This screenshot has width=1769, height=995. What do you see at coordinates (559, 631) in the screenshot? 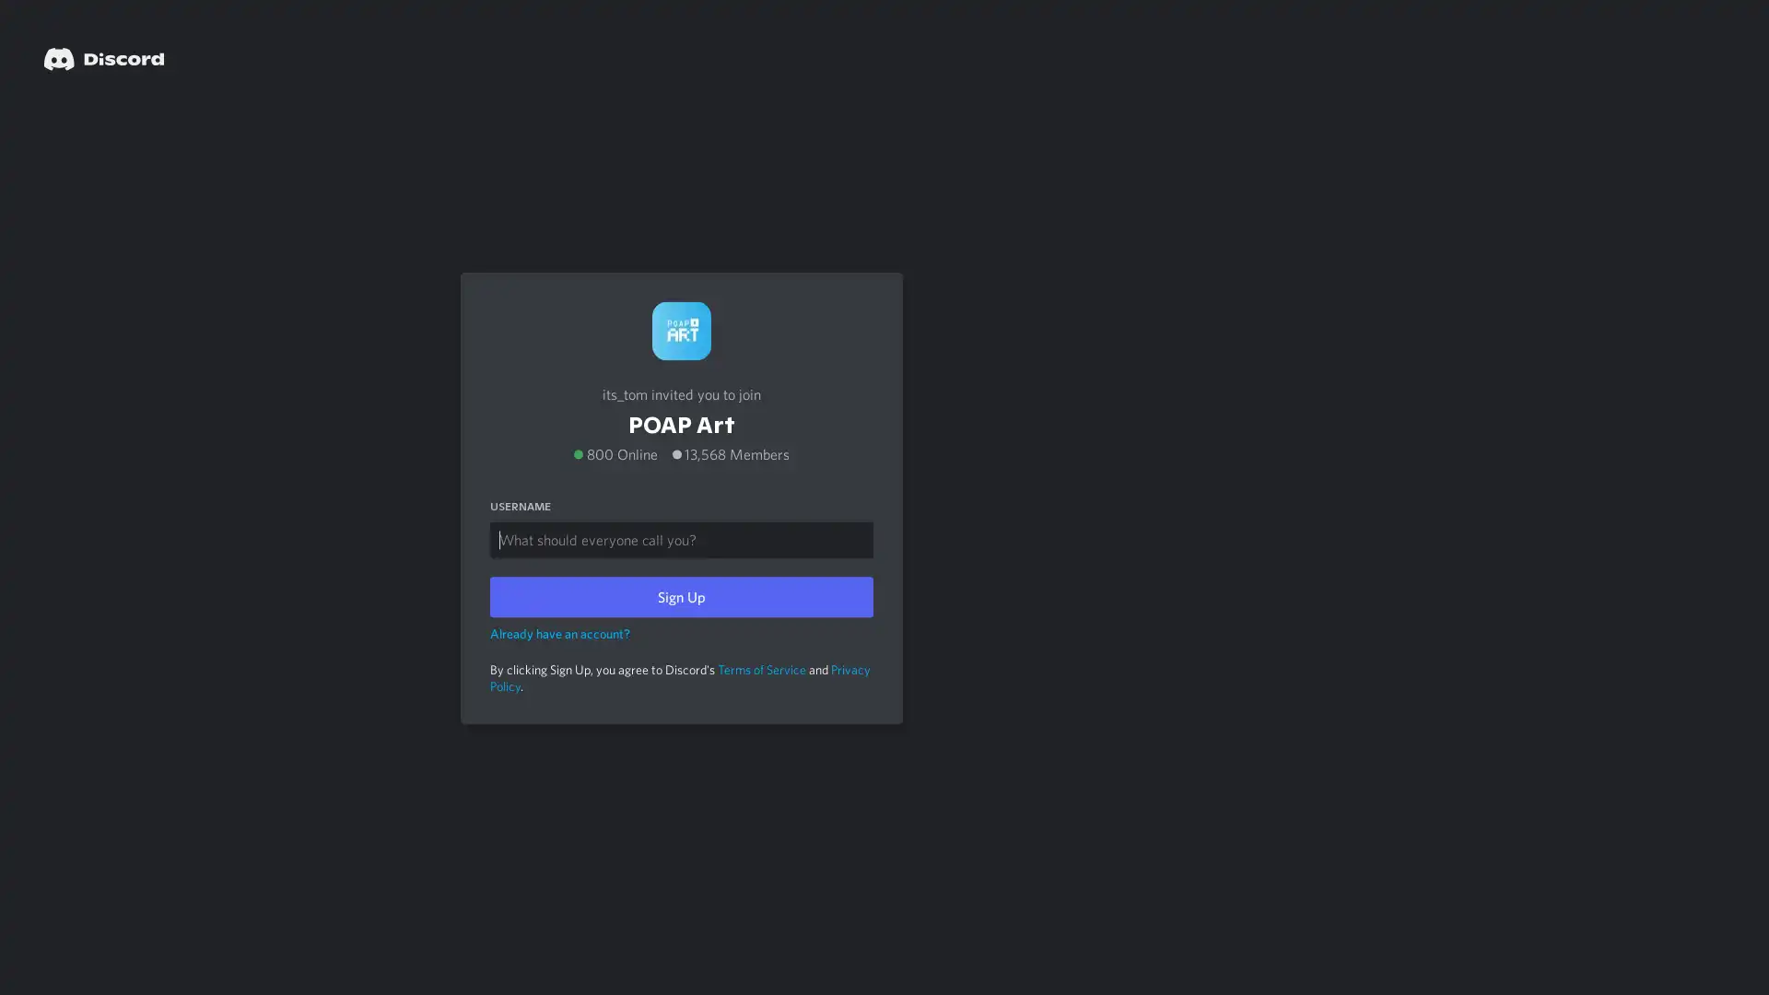
I see `Already have an account?` at bounding box center [559, 631].